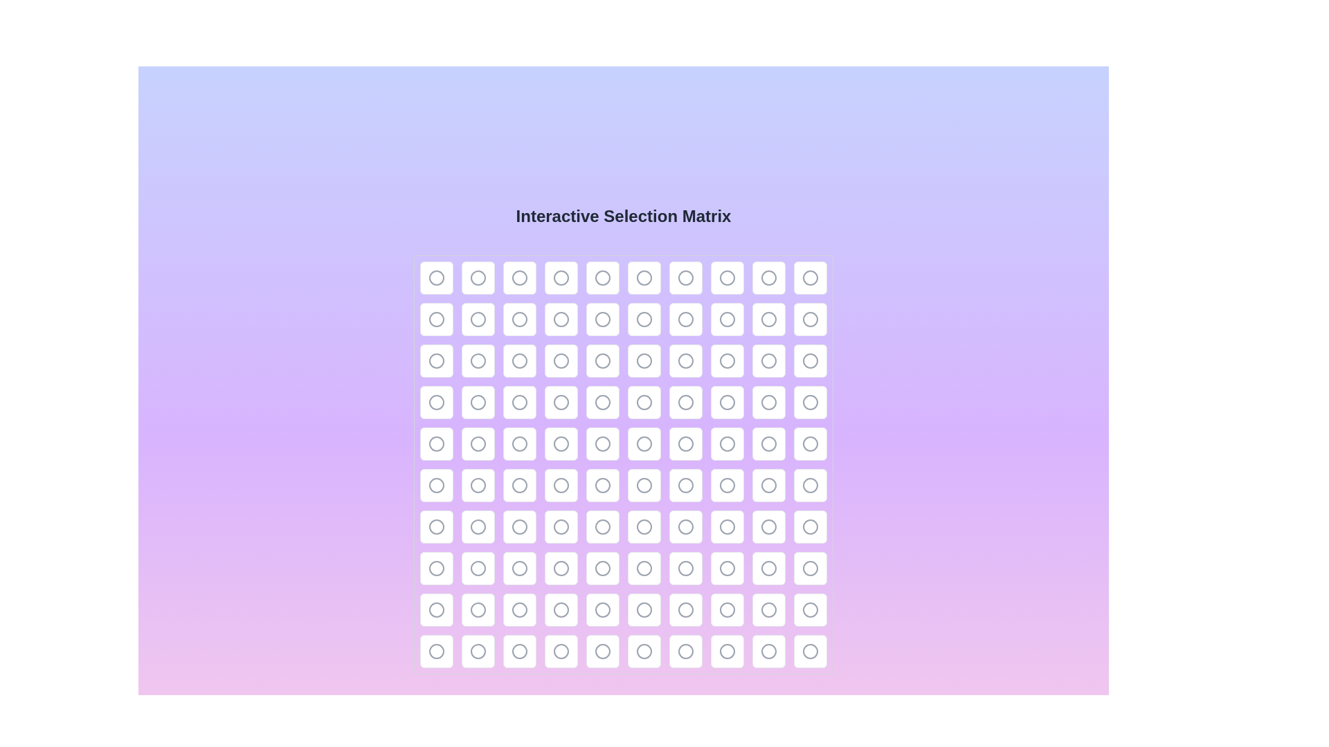 This screenshot has height=747, width=1329. Describe the element at coordinates (623, 216) in the screenshot. I see `the title text of the matrix to focus on it` at that location.